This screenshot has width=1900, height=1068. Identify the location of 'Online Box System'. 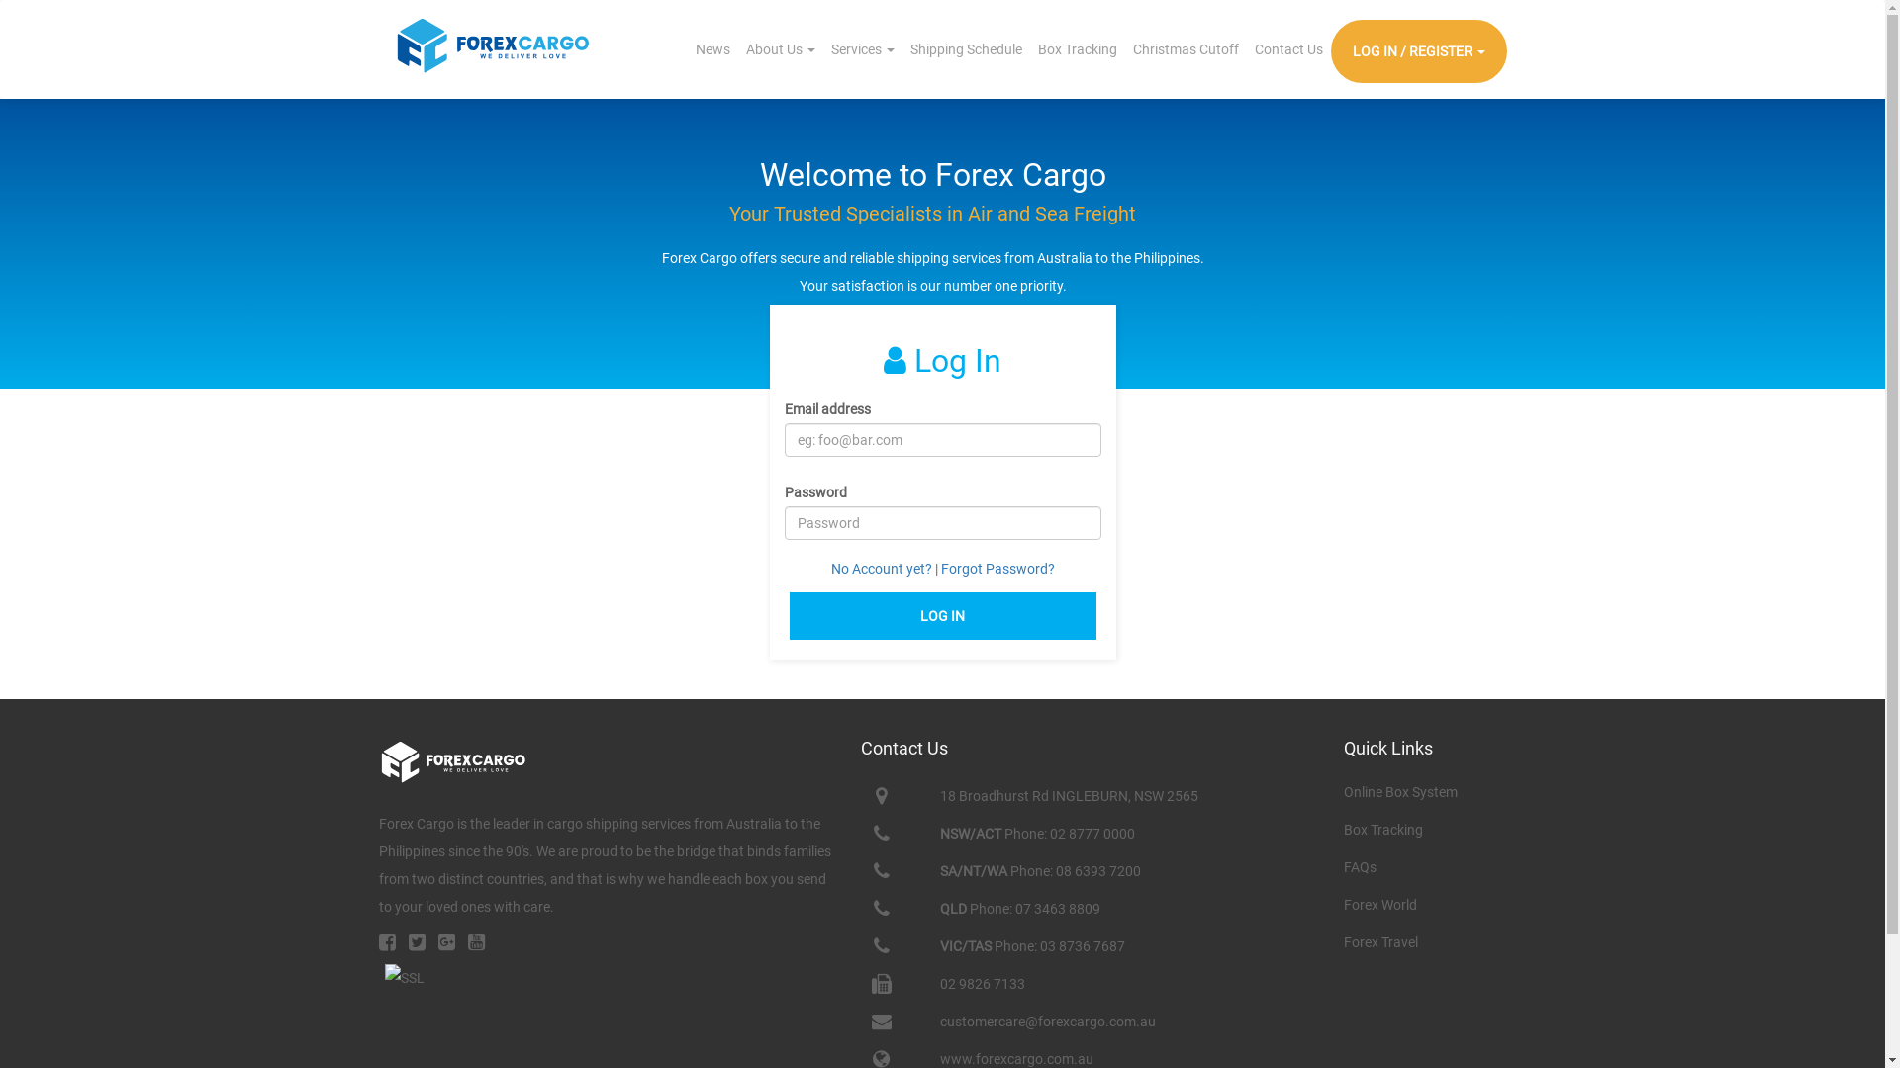
(1399, 791).